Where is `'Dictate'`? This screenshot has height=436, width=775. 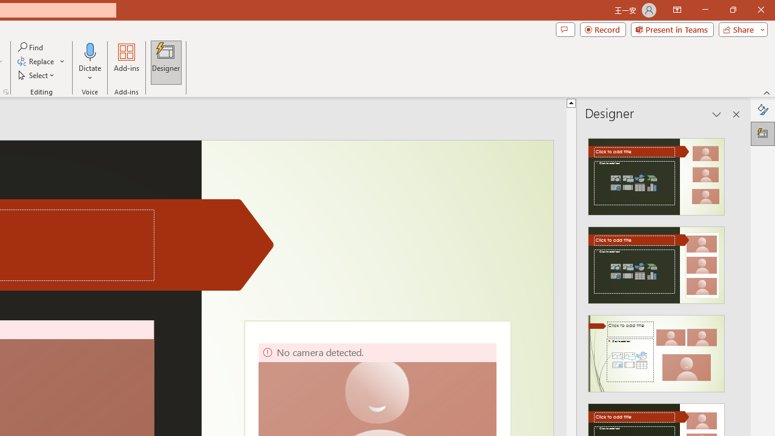 'Dictate' is located at coordinates (90, 62).